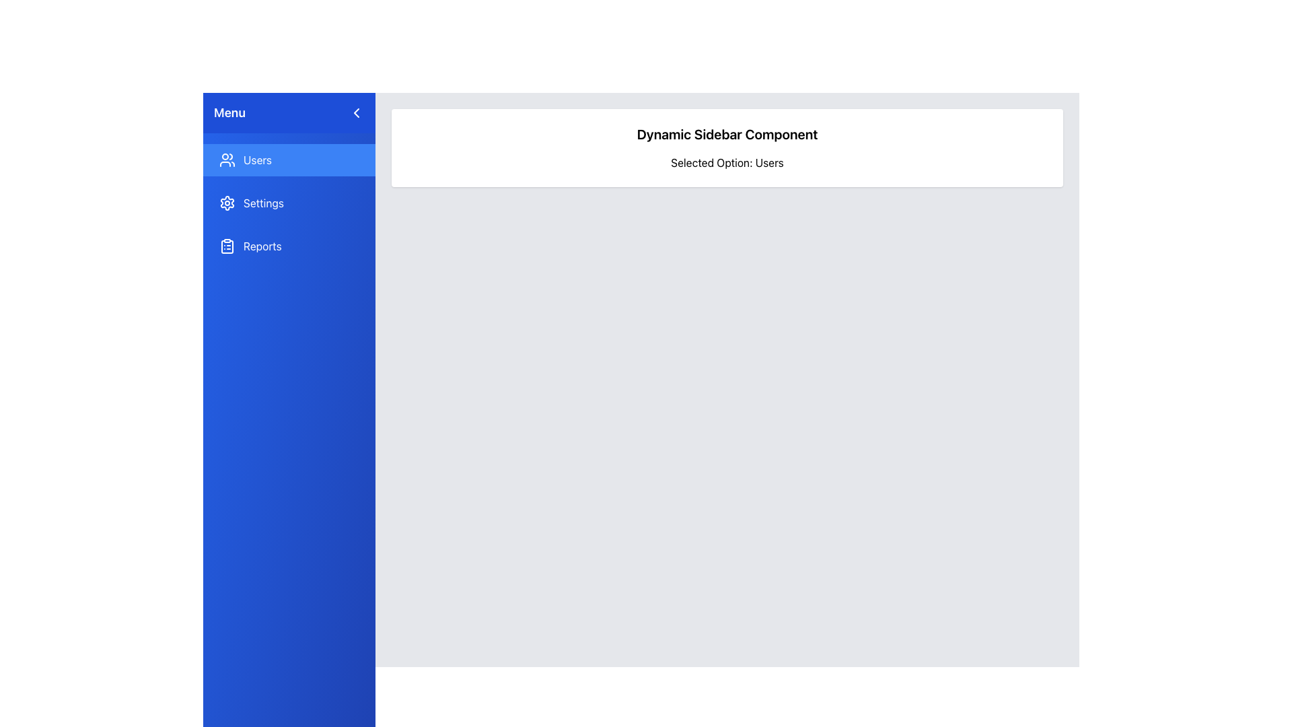 The height and width of the screenshot is (727, 1292). Describe the element at coordinates (227, 203) in the screenshot. I see `the gear-like icon with a blue background and white details, located in the sidebar menu as part of the 'Settings' option` at that location.